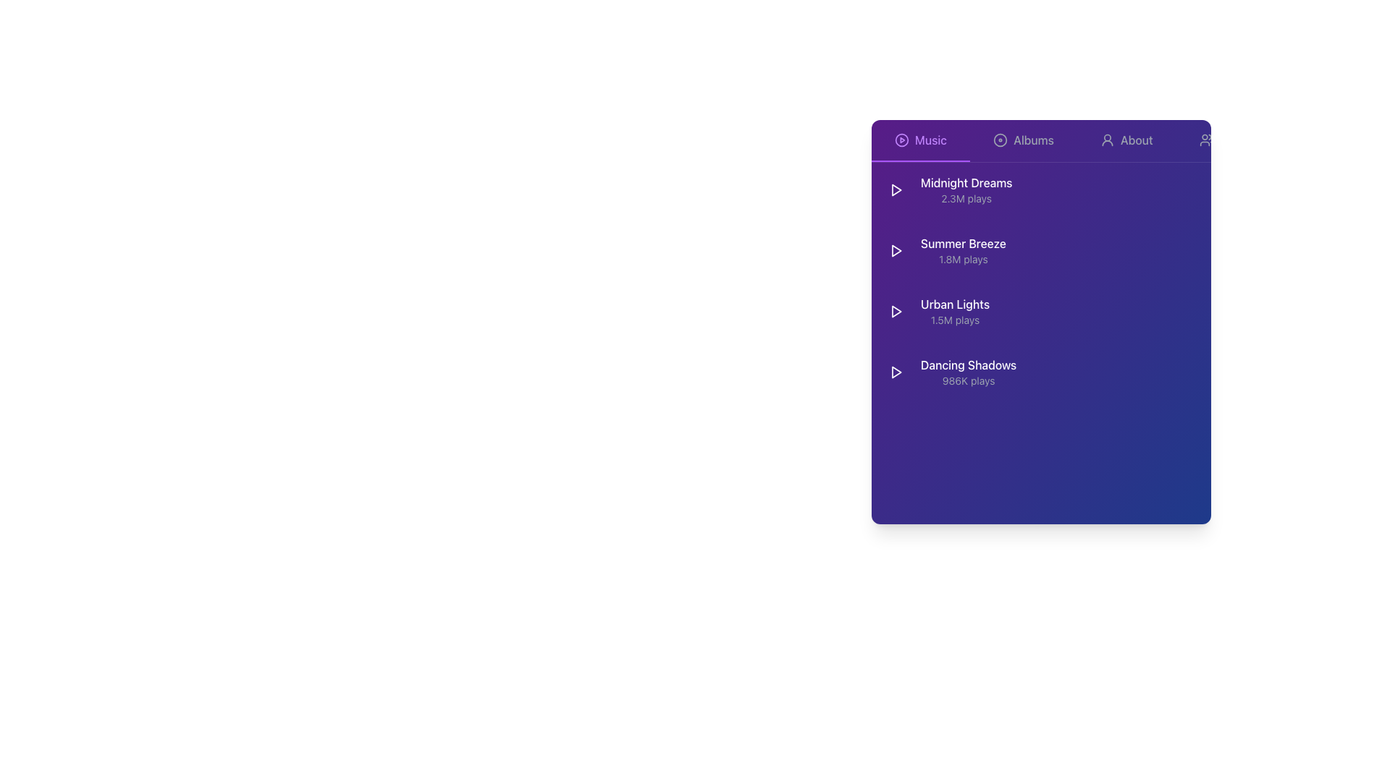 This screenshot has width=1390, height=781. Describe the element at coordinates (1194, 372) in the screenshot. I see `the Ellipsis menu button represented by three horizontally-aligned small circles located near the right edge of the 'Dancing Shadows' list item` at that location.